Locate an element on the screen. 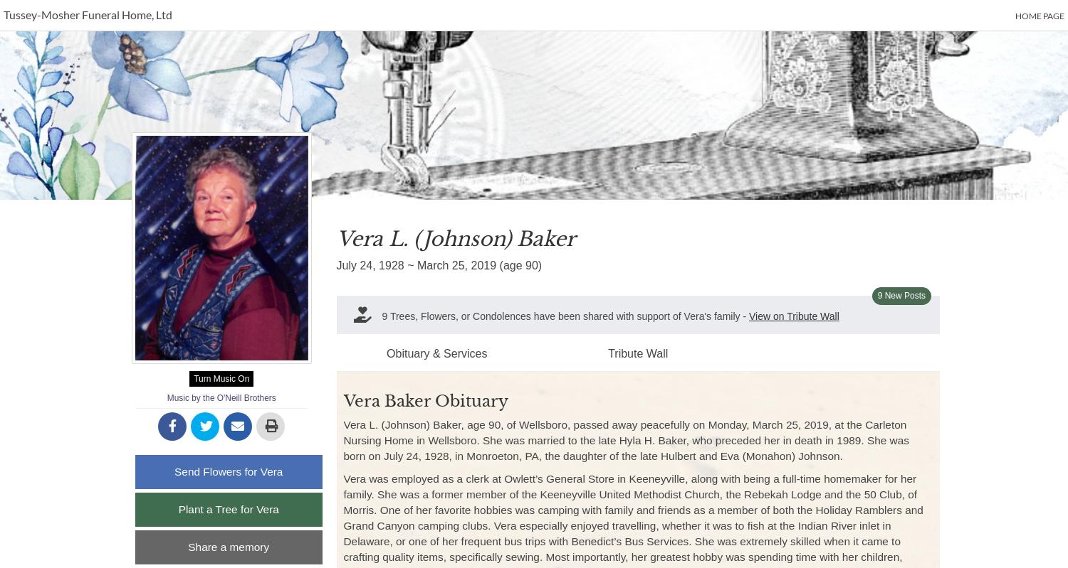 This screenshot has height=568, width=1068. '~' is located at coordinates (409, 265).